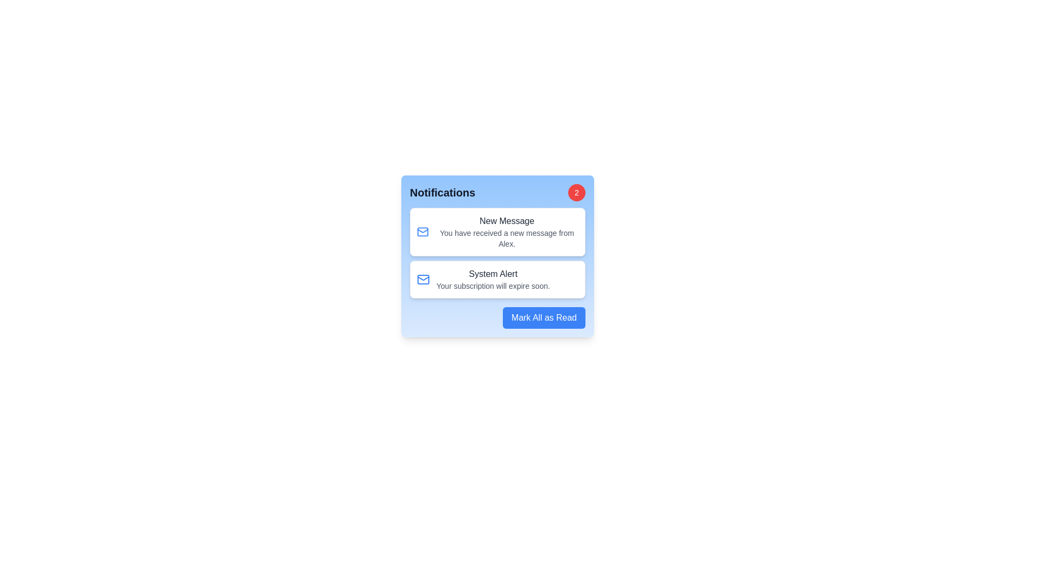  Describe the element at coordinates (493, 279) in the screenshot. I see `text content located in the second notification entry, which alerts the user about the expiration of their subscription` at that location.